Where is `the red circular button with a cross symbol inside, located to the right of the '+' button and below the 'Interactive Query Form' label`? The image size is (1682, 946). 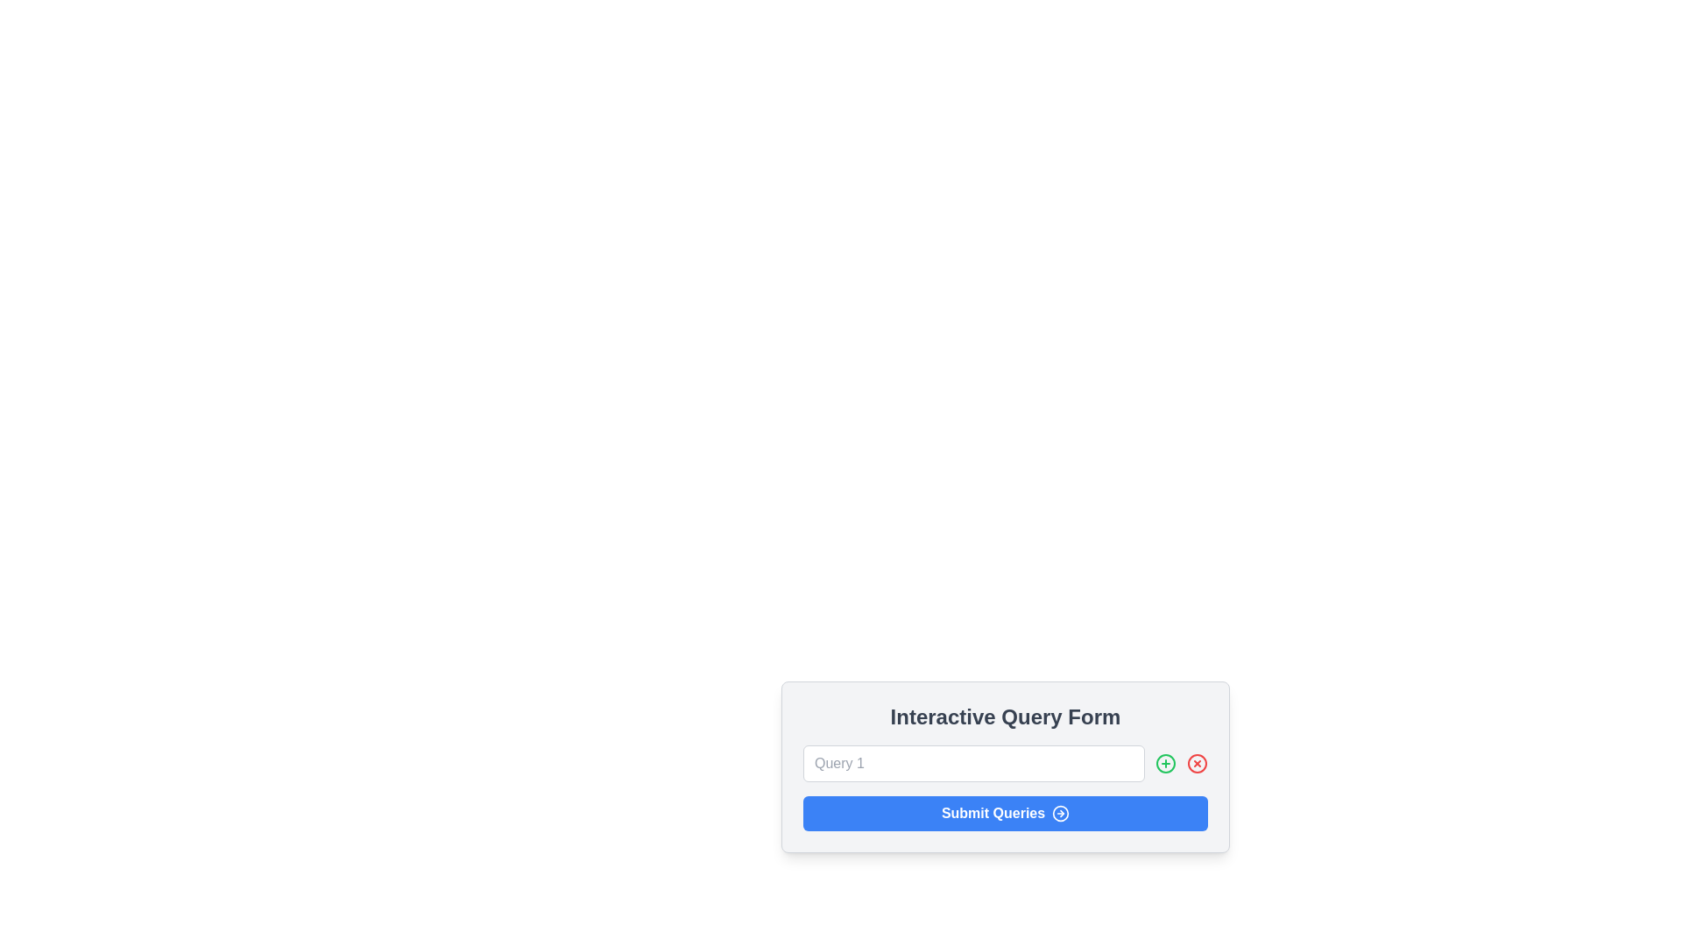
the red circular button with a cross symbol inside, located to the right of the '+' button and below the 'Interactive Query Form' label is located at coordinates (1197, 762).